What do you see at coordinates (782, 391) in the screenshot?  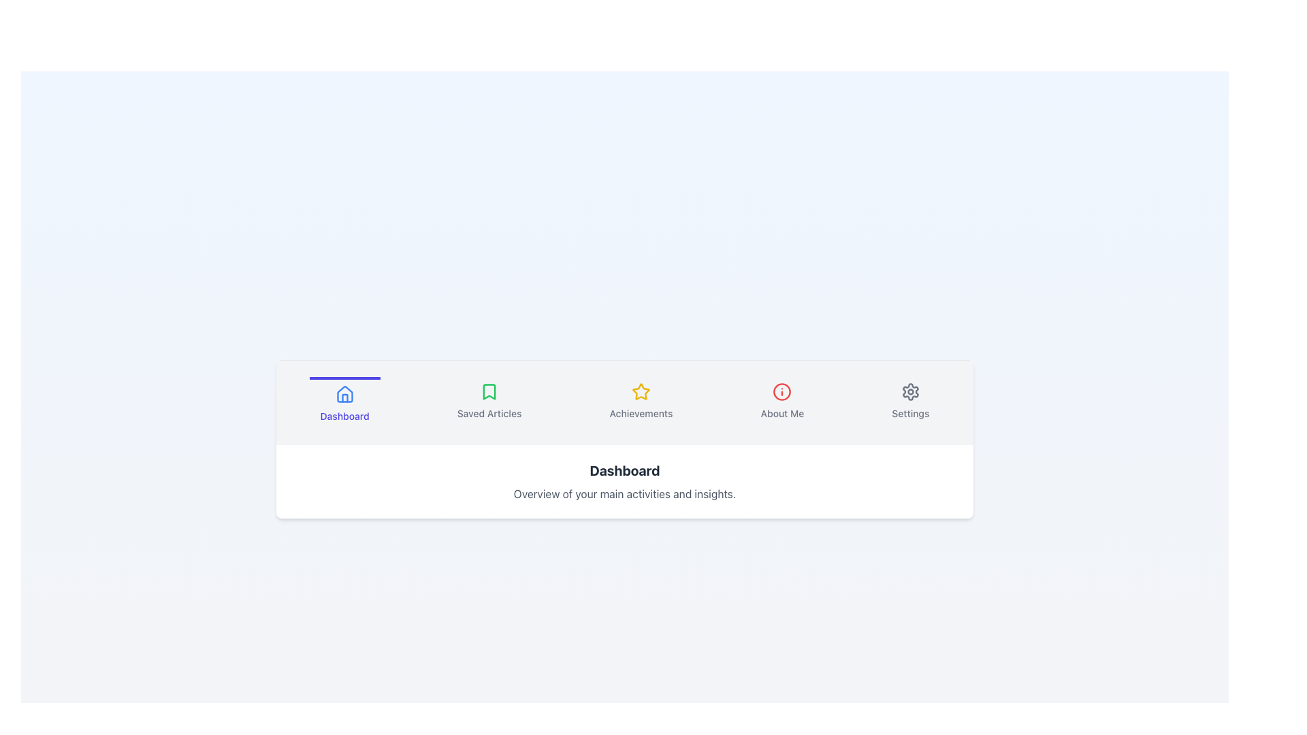 I see `the SVG Circle that serves as a visual cue within the 'About Me' navigation icon` at bounding box center [782, 391].